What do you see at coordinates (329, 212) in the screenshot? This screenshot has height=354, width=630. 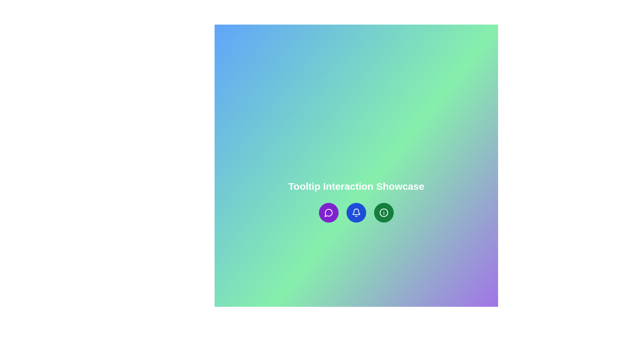 I see `the speech bubble icon button, which is the leftmost circular purple button in the row below 'Tooltip Interaction Showcase'` at bounding box center [329, 212].